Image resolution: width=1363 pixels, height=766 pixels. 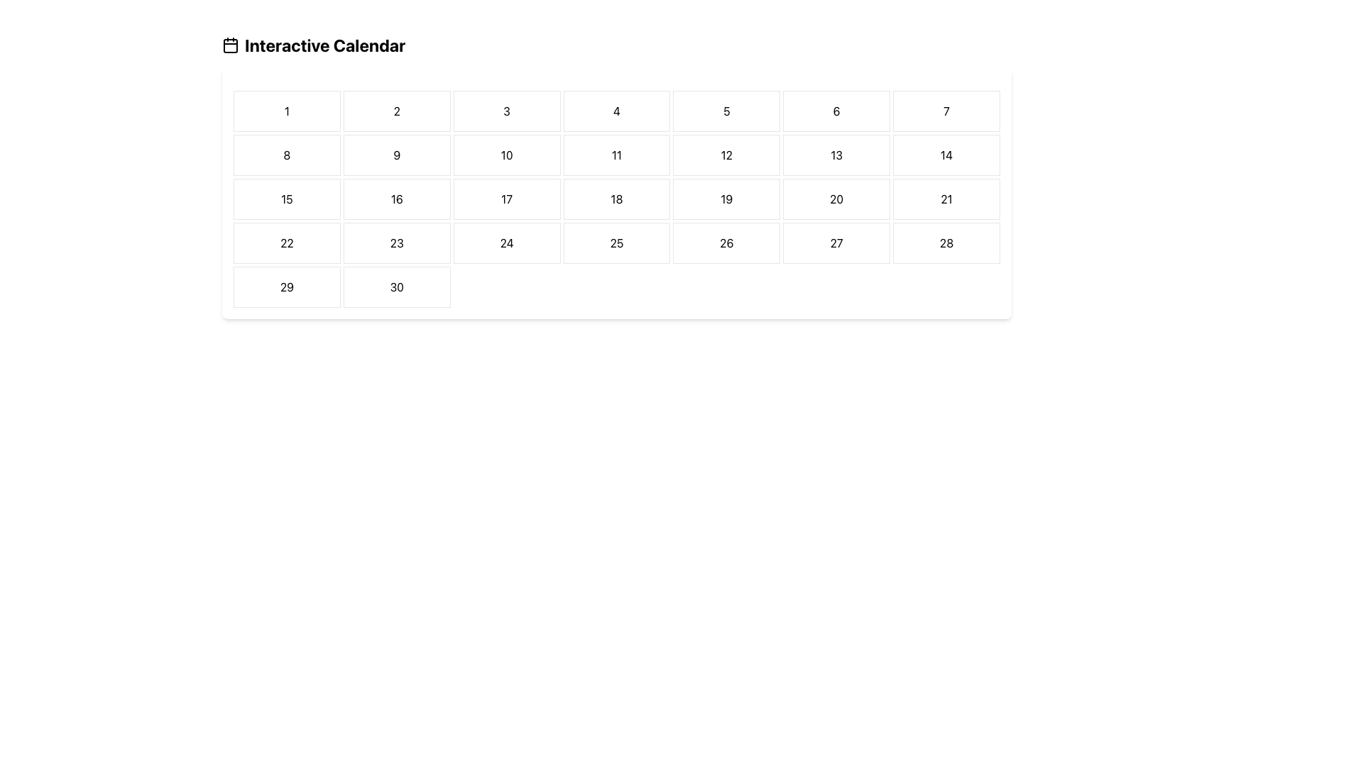 What do you see at coordinates (946, 111) in the screenshot?
I see `the button labeled '7' in the grid of numbers` at bounding box center [946, 111].